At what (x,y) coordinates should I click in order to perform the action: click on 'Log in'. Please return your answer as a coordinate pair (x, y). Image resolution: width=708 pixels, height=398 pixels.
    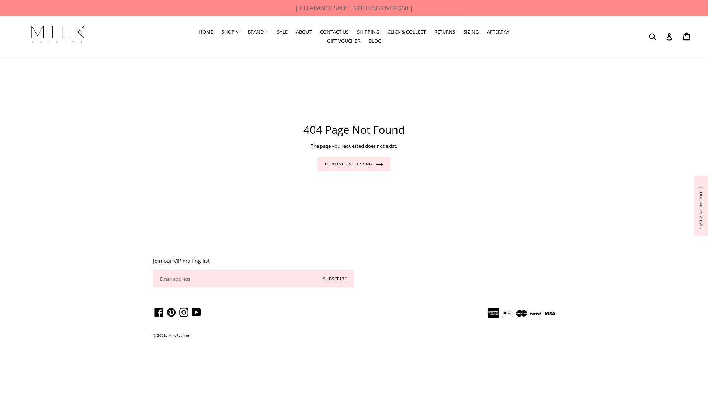
    Looking at the image, I should click on (669, 36).